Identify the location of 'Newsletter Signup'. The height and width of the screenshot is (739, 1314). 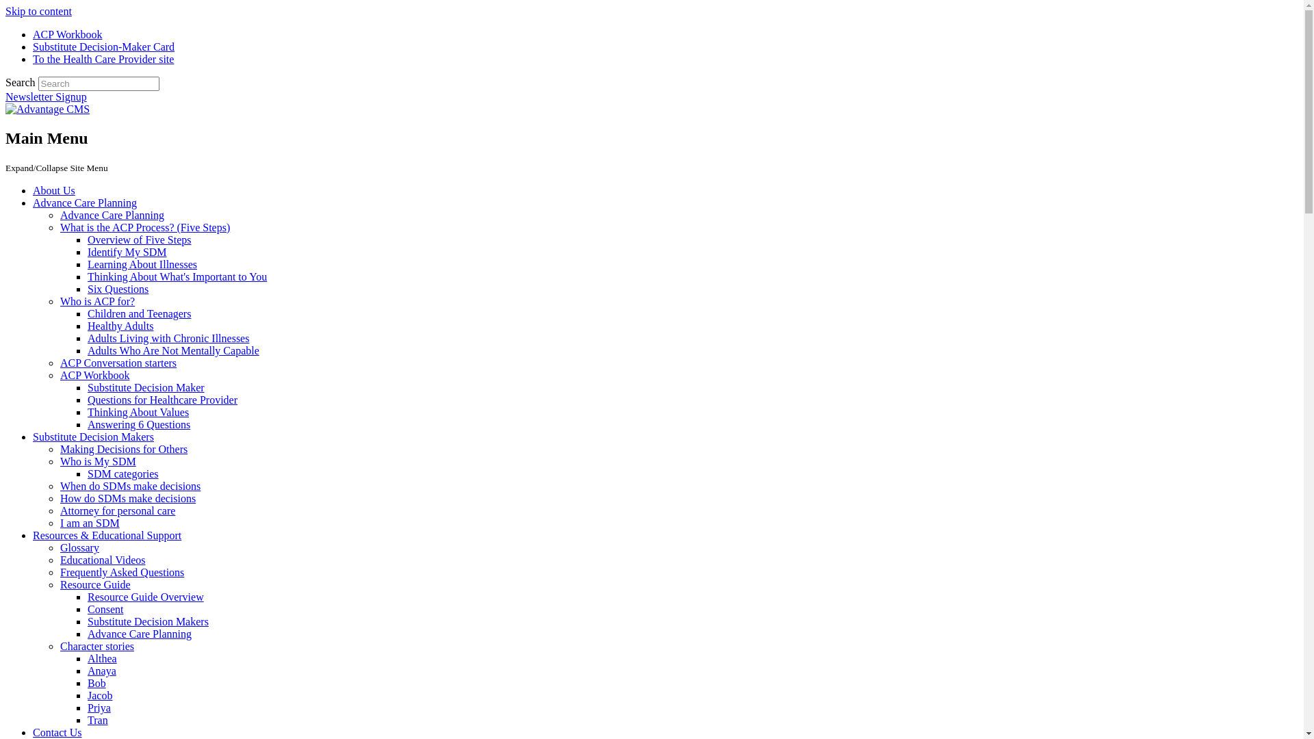
(46, 96).